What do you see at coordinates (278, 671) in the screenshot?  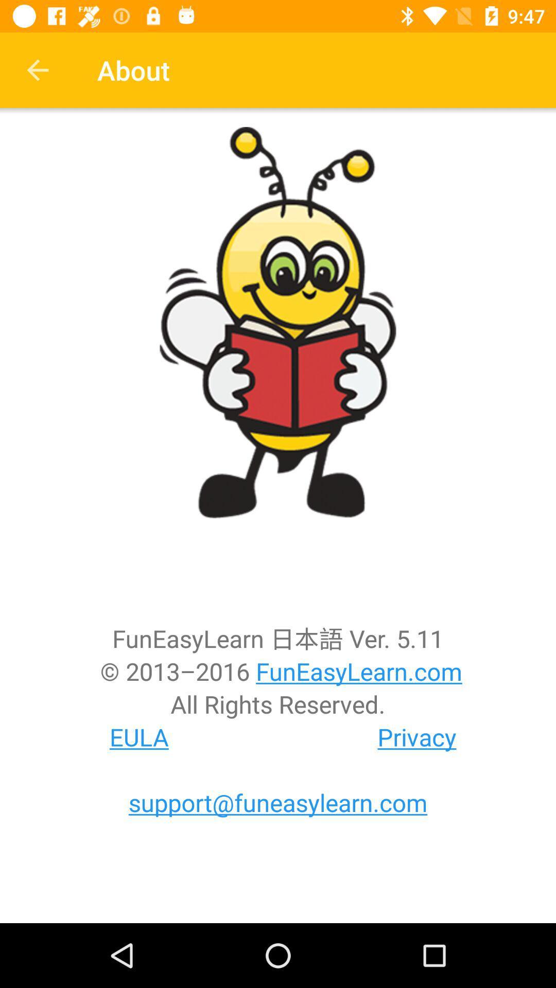 I see `icon above the all rights reserved.` at bounding box center [278, 671].